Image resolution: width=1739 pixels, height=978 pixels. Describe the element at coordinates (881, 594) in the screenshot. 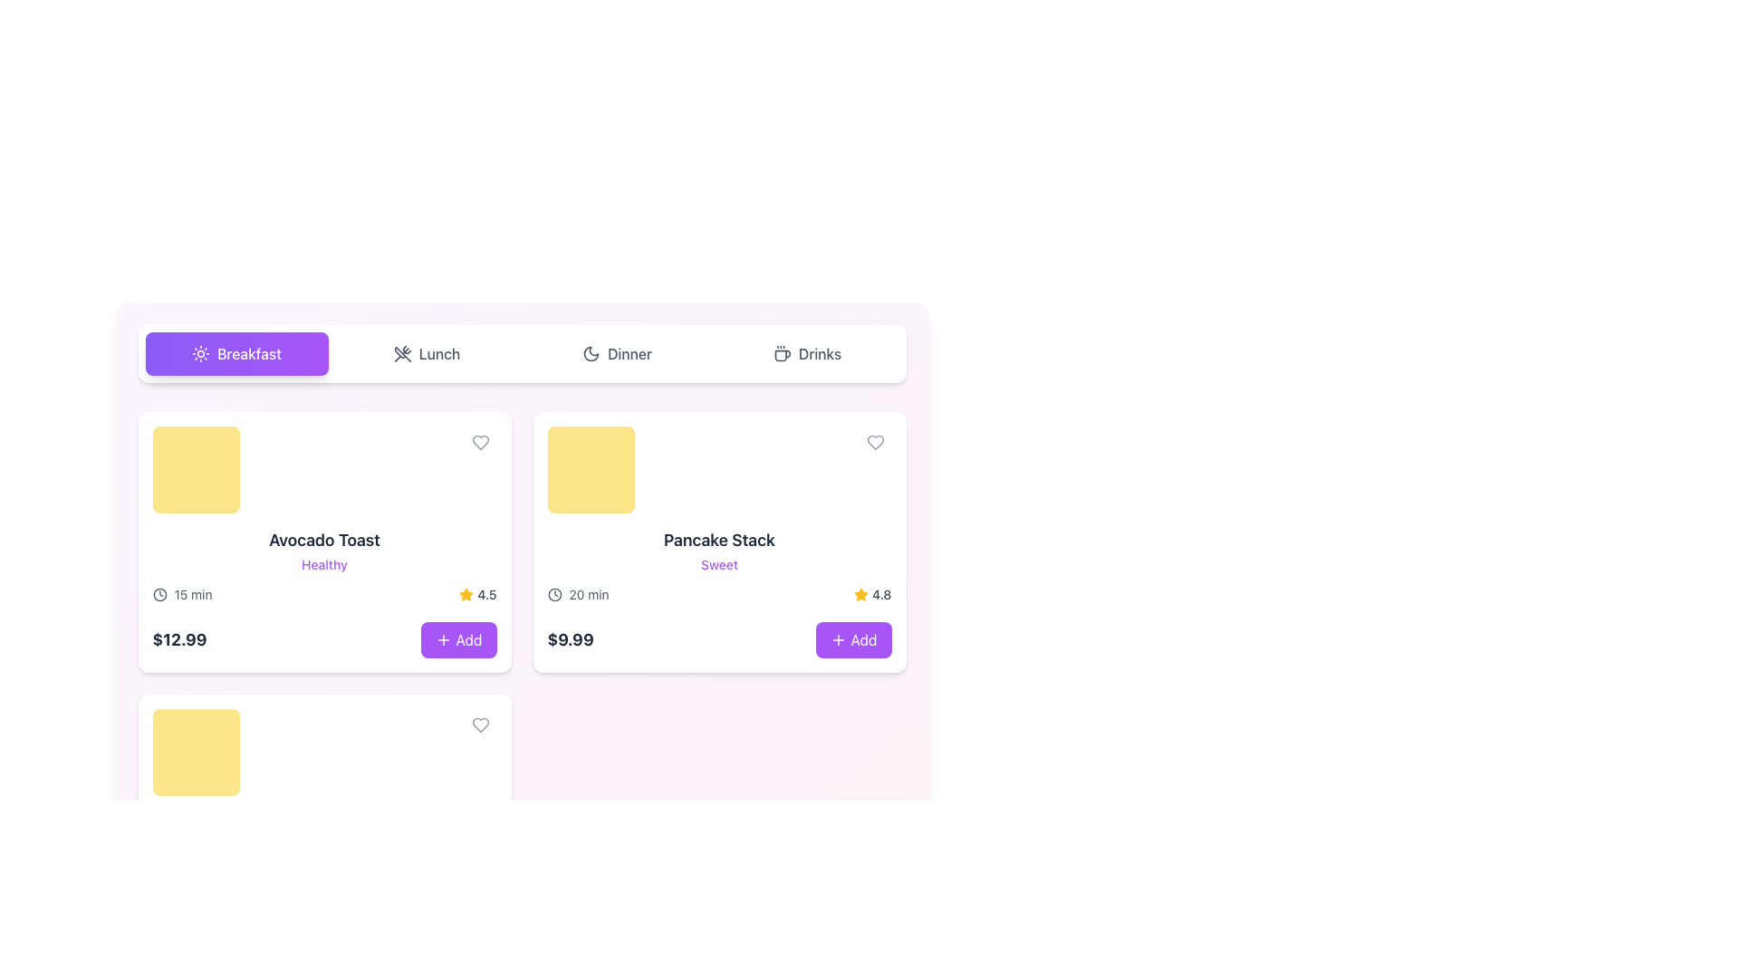

I see `numerical text label displaying the rating value '4.8', which is styled in gray and located within the 'Pancake Stack' card, surrounded by a golden star icon` at that location.